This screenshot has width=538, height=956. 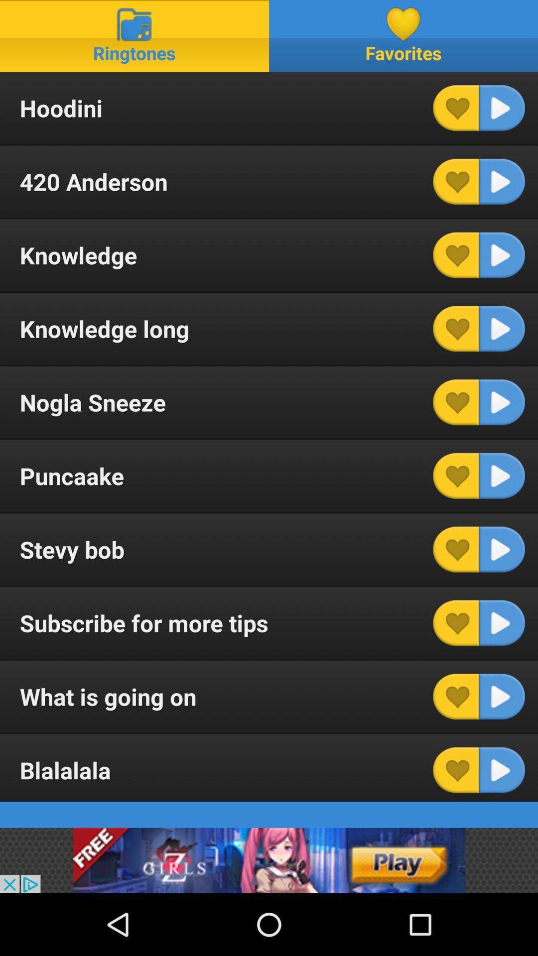 I want to click on button, so click(x=456, y=475).